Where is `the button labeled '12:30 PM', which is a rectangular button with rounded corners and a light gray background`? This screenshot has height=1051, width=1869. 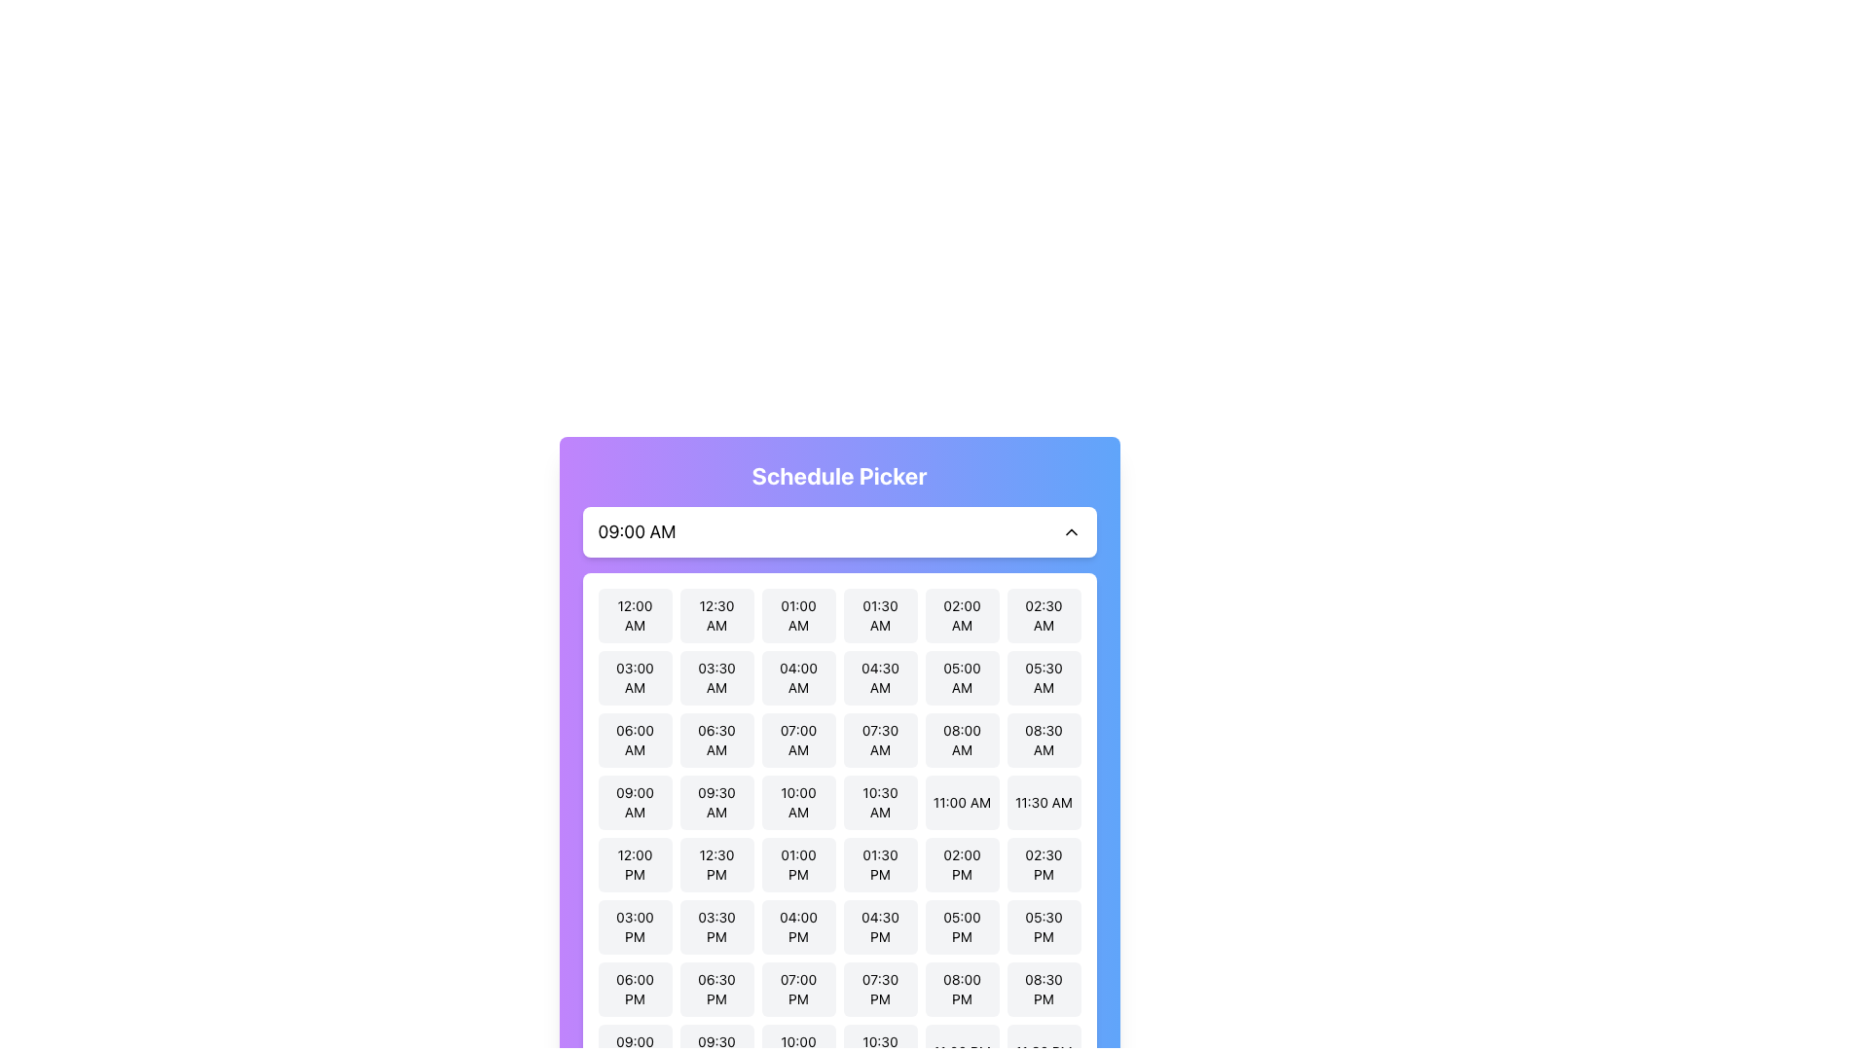
the button labeled '12:30 PM', which is a rectangular button with rounded corners and a light gray background is located at coordinates (715, 863).